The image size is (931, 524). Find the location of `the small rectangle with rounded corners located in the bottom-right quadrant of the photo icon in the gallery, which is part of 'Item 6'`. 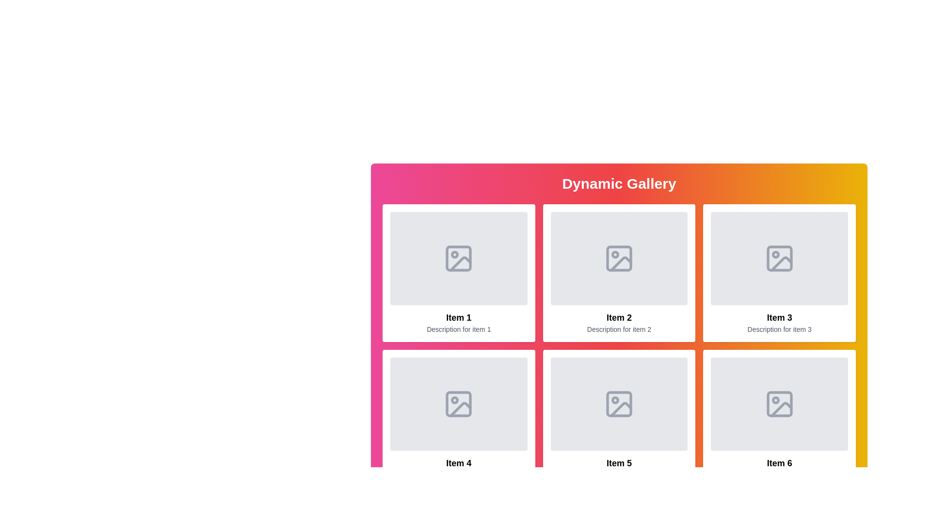

the small rectangle with rounded corners located in the bottom-right quadrant of the photo icon in the gallery, which is part of 'Item 6' is located at coordinates (779, 404).